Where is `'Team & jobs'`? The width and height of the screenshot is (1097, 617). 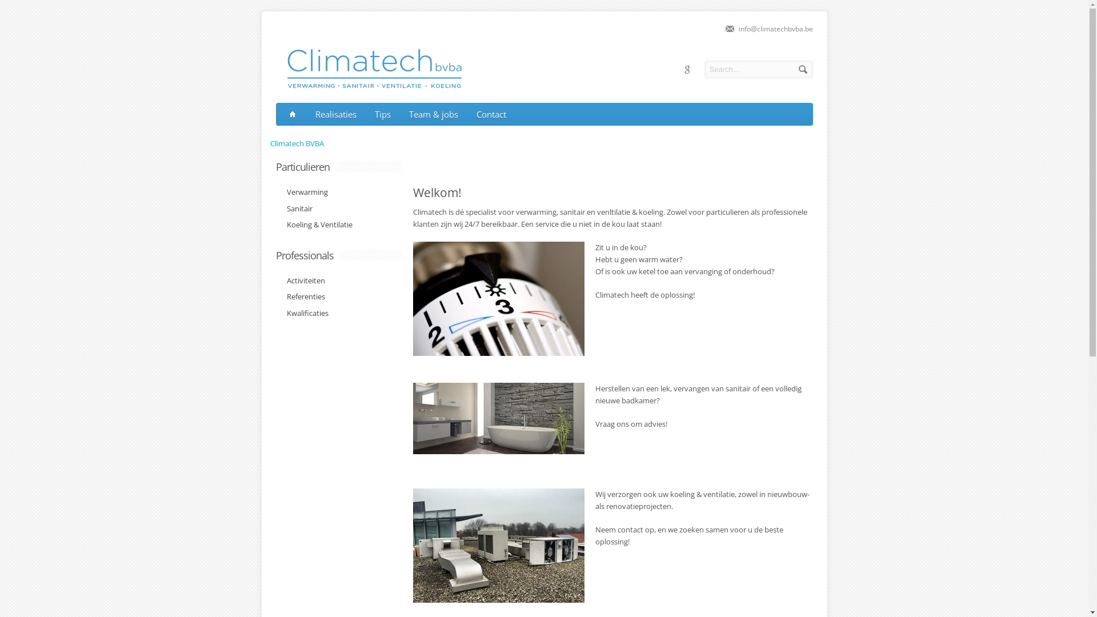 'Team & jobs' is located at coordinates (433, 114).